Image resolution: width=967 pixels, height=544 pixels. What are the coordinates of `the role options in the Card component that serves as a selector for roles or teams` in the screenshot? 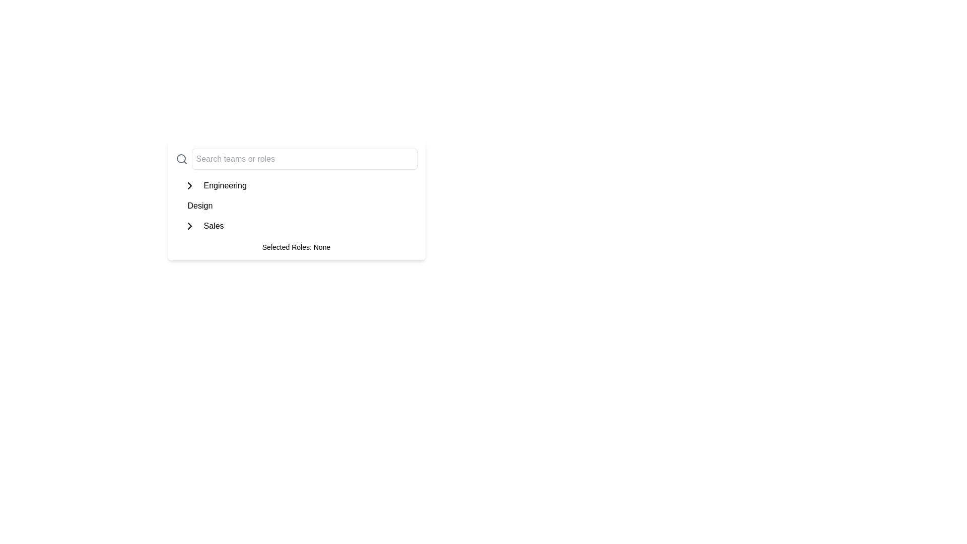 It's located at (296, 200).